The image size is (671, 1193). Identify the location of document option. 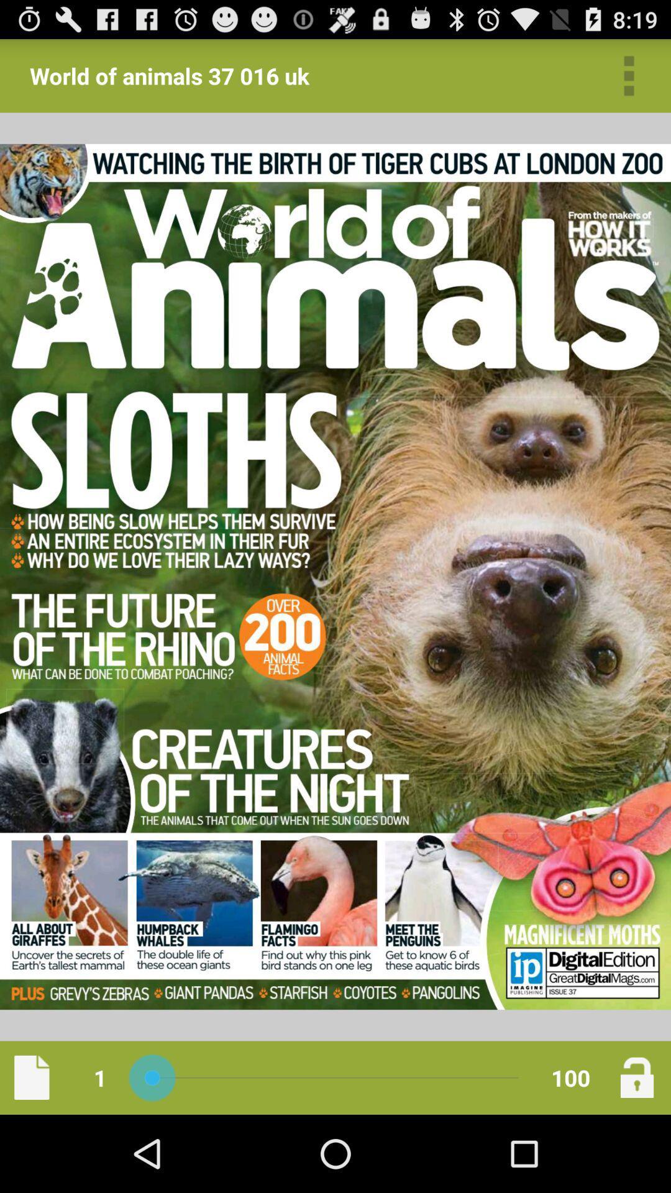
(31, 1077).